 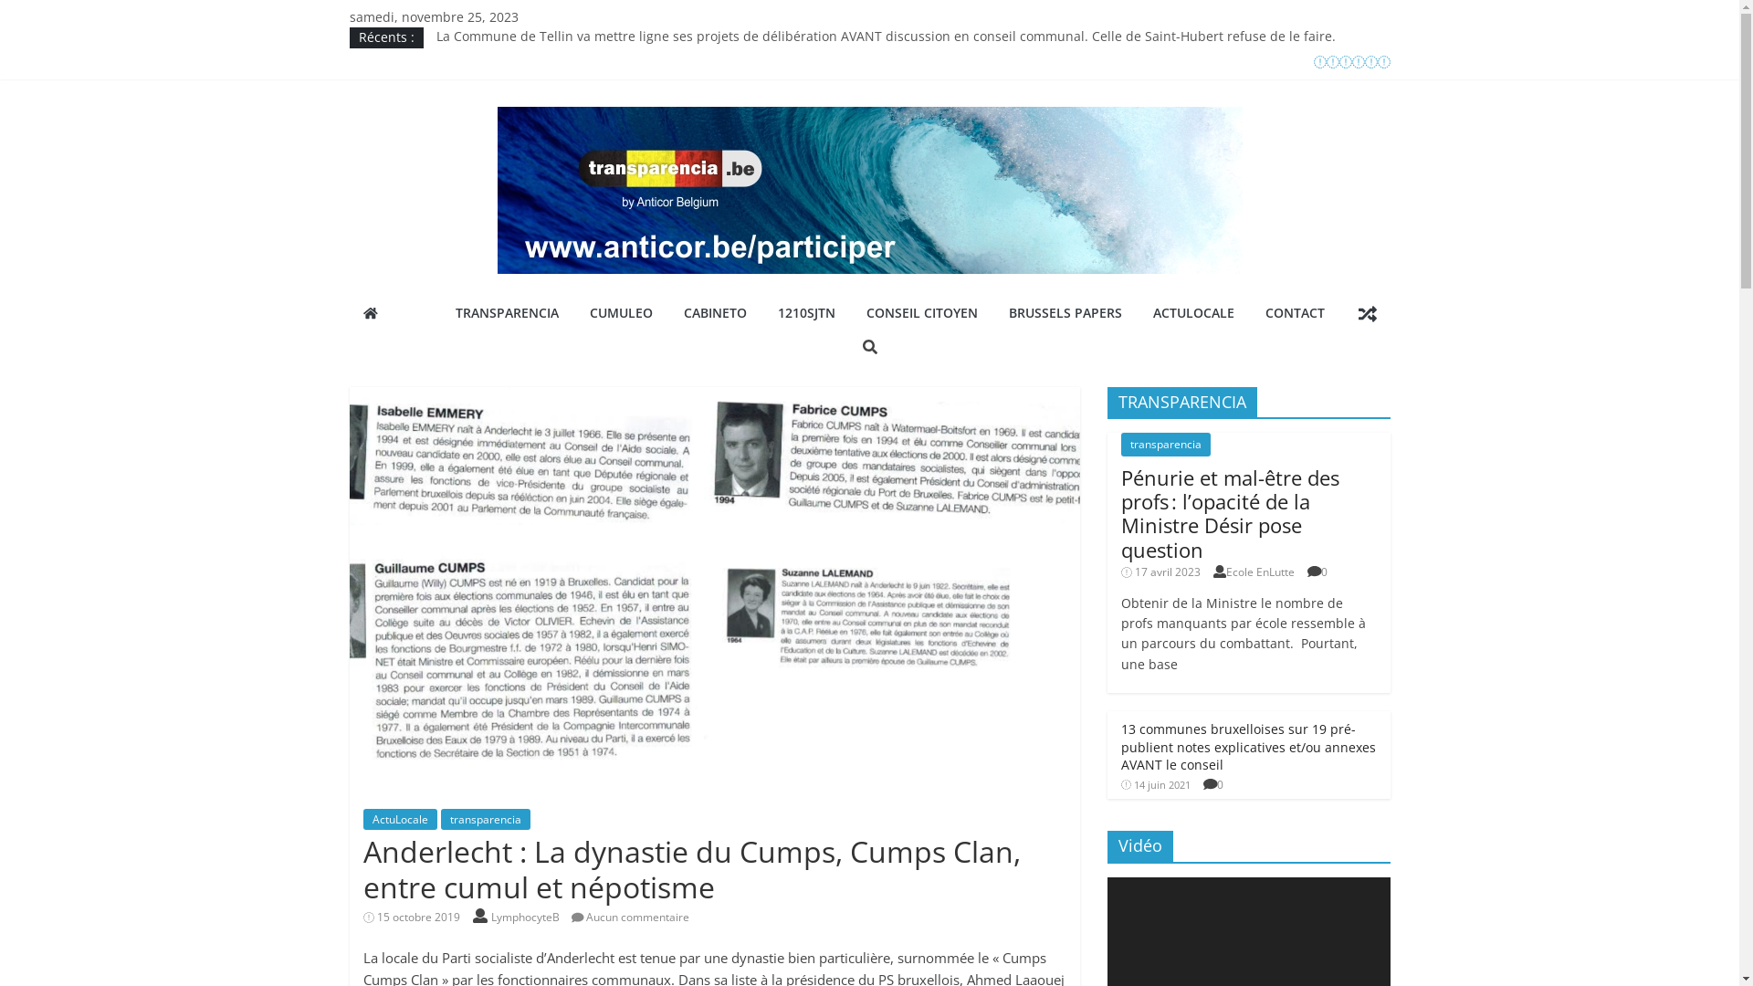 What do you see at coordinates (1367, 312) in the screenshot?
I see `'Voir un article au hasard'` at bounding box center [1367, 312].